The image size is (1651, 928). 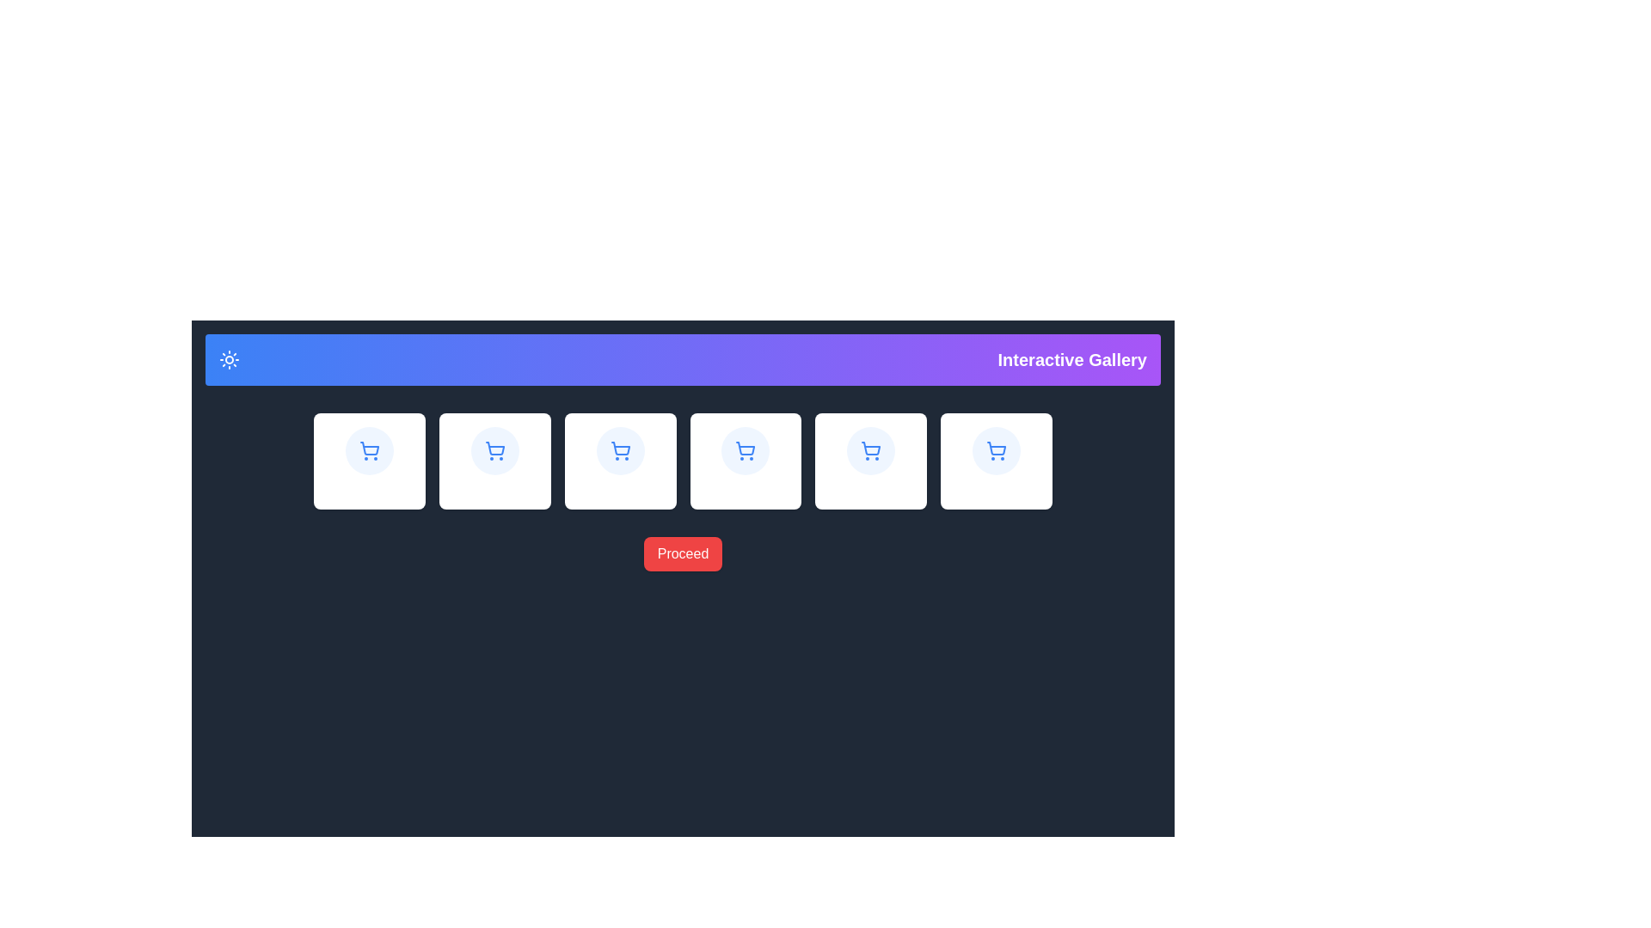 What do you see at coordinates (619, 449) in the screenshot?
I see `the shopping cart icon, which is the third icon from the left in a series of similar icons with rounded corners and a light blue background` at bounding box center [619, 449].